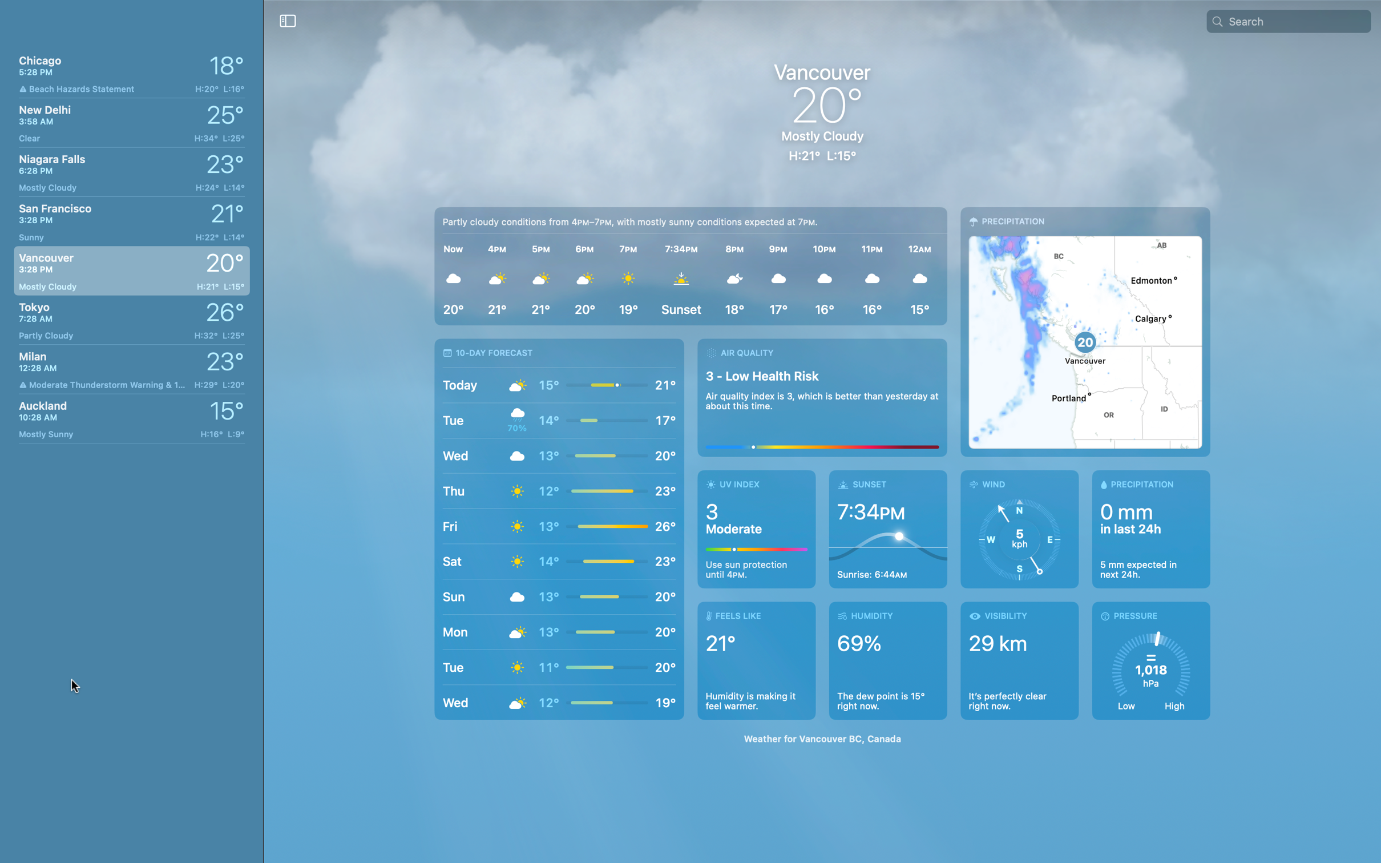  Describe the element at coordinates (757, 529) in the screenshot. I see `Determine the UV ratings for Vancouver` at that location.